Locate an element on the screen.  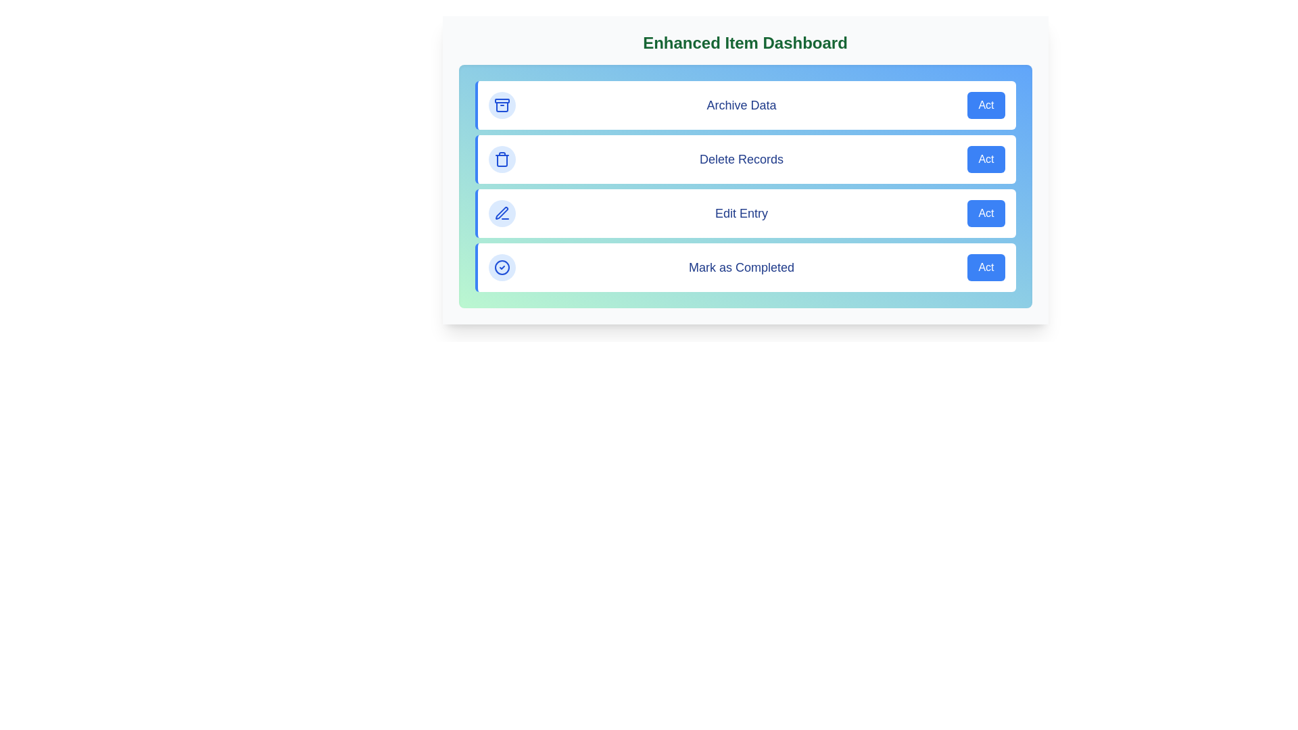
the 'Act' button for the action 'Mark as Completed' is located at coordinates (986, 268).